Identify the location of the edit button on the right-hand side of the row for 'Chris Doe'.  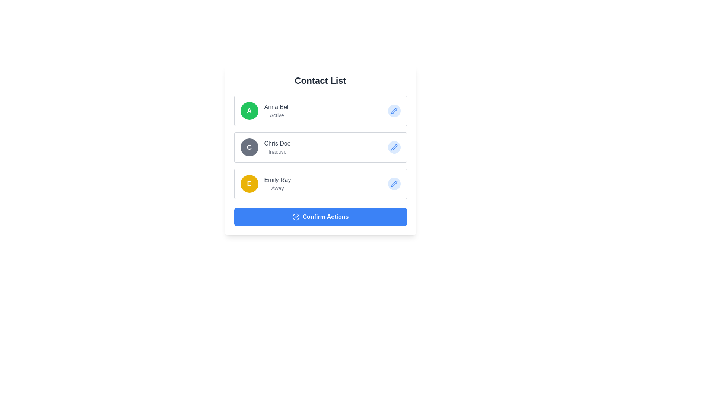
(394, 147).